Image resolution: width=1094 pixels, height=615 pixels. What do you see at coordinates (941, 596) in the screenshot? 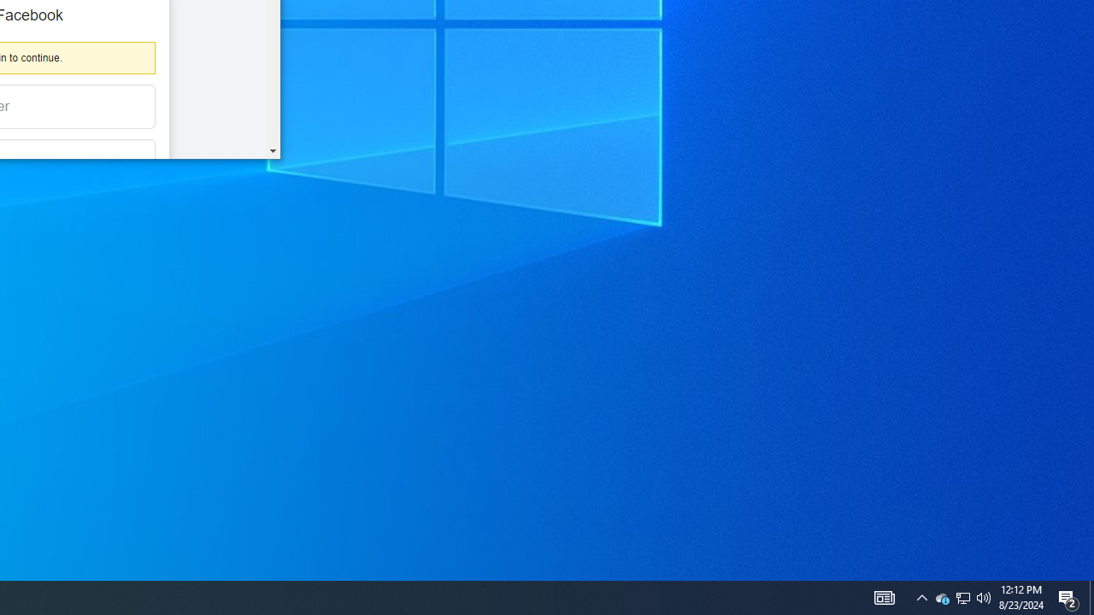
I see `'Q2790: 100%'` at bounding box center [941, 596].